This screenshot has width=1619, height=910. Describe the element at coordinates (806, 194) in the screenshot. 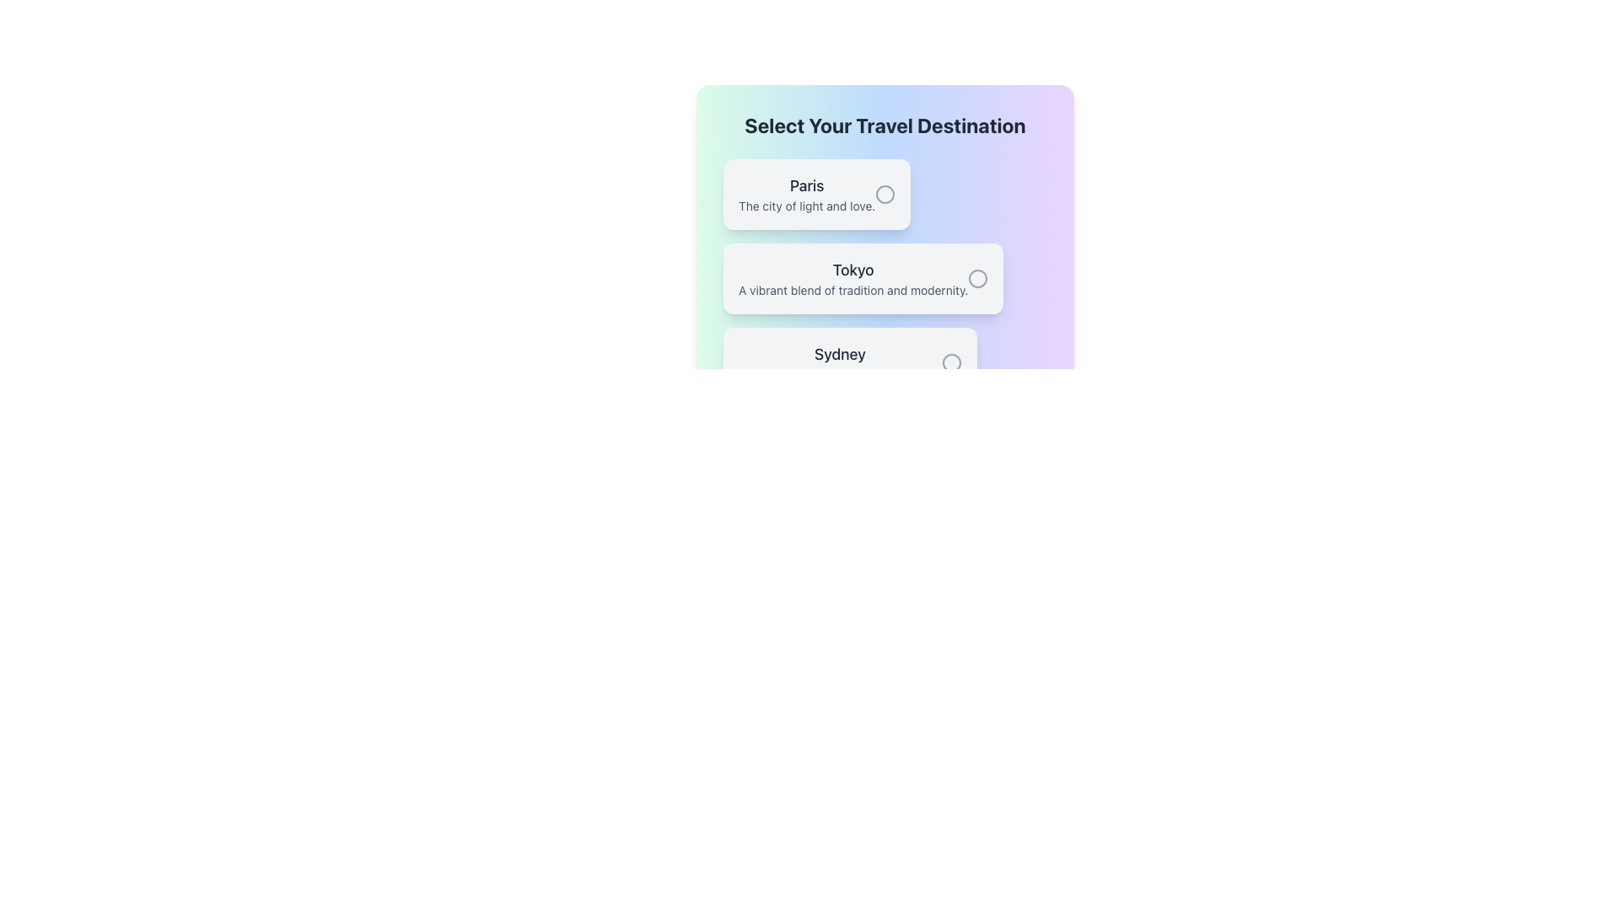

I see `the text block describing the destination option 'Paris', located below the header 'Select Your Travel Destination'` at that location.